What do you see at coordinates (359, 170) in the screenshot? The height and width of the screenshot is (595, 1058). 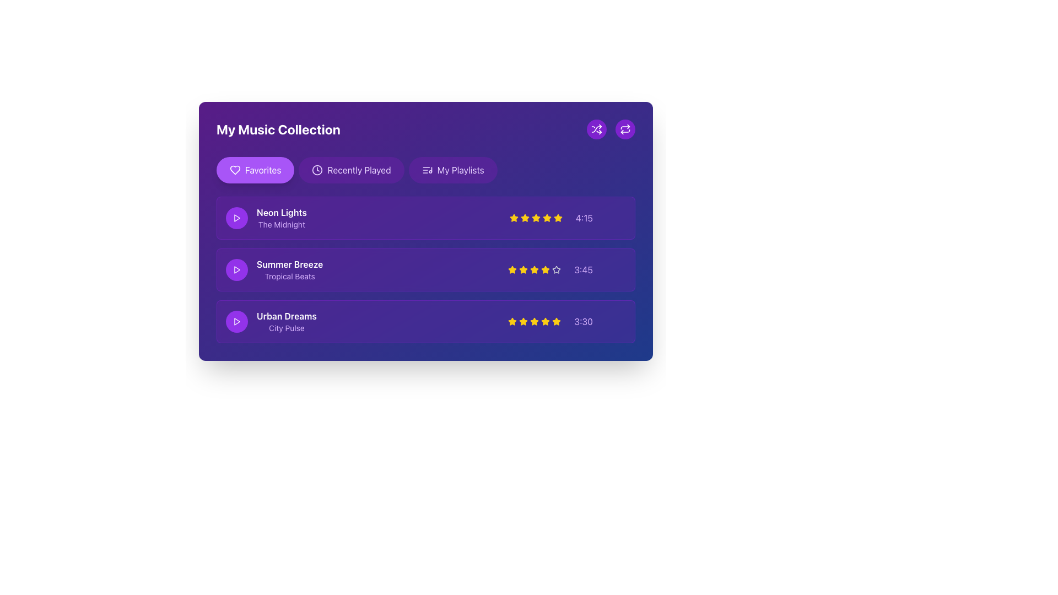 I see `the 'Recently Played' button, which is the second option in a horizontal row of three buttons in the 'My Music Collection' section, to filter recently played items` at bounding box center [359, 170].